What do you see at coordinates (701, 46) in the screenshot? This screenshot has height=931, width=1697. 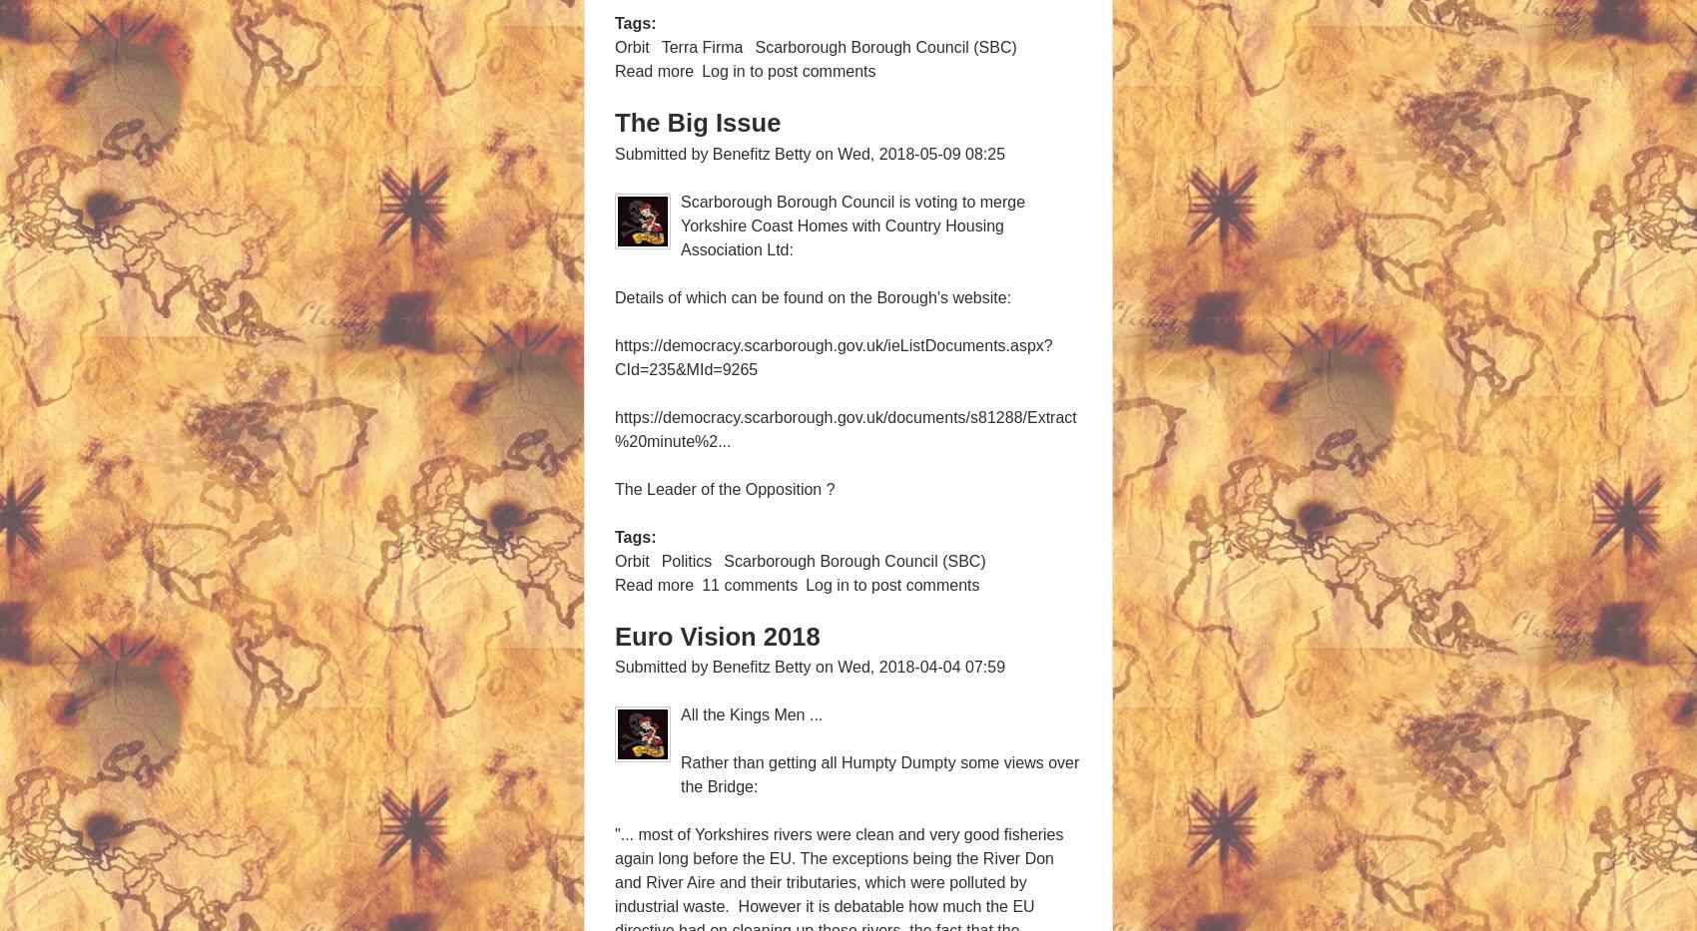 I see `'Terra Firma'` at bounding box center [701, 46].